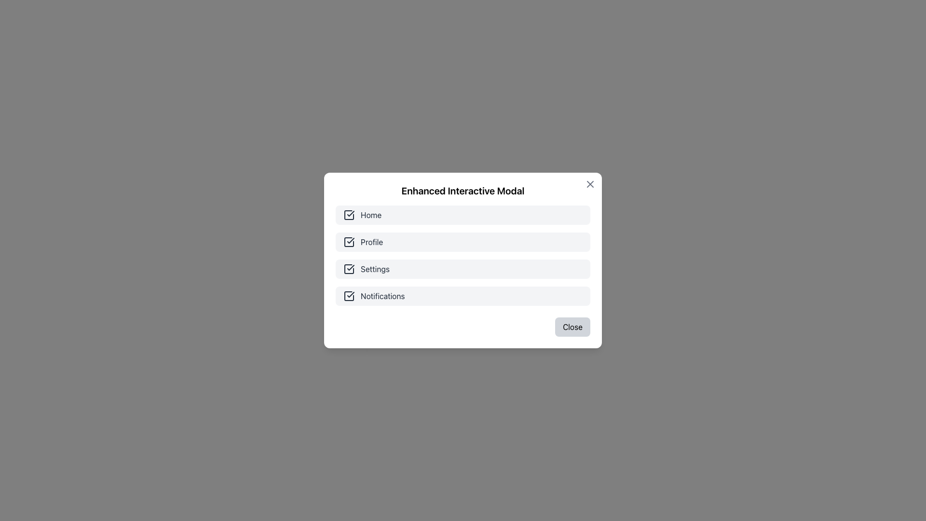  What do you see at coordinates (350, 213) in the screenshot?
I see `the state change of the checkmark icon, which is a thin outlined SVG graphic located to the left of the 'Profile' text in the modal's second row` at bounding box center [350, 213].